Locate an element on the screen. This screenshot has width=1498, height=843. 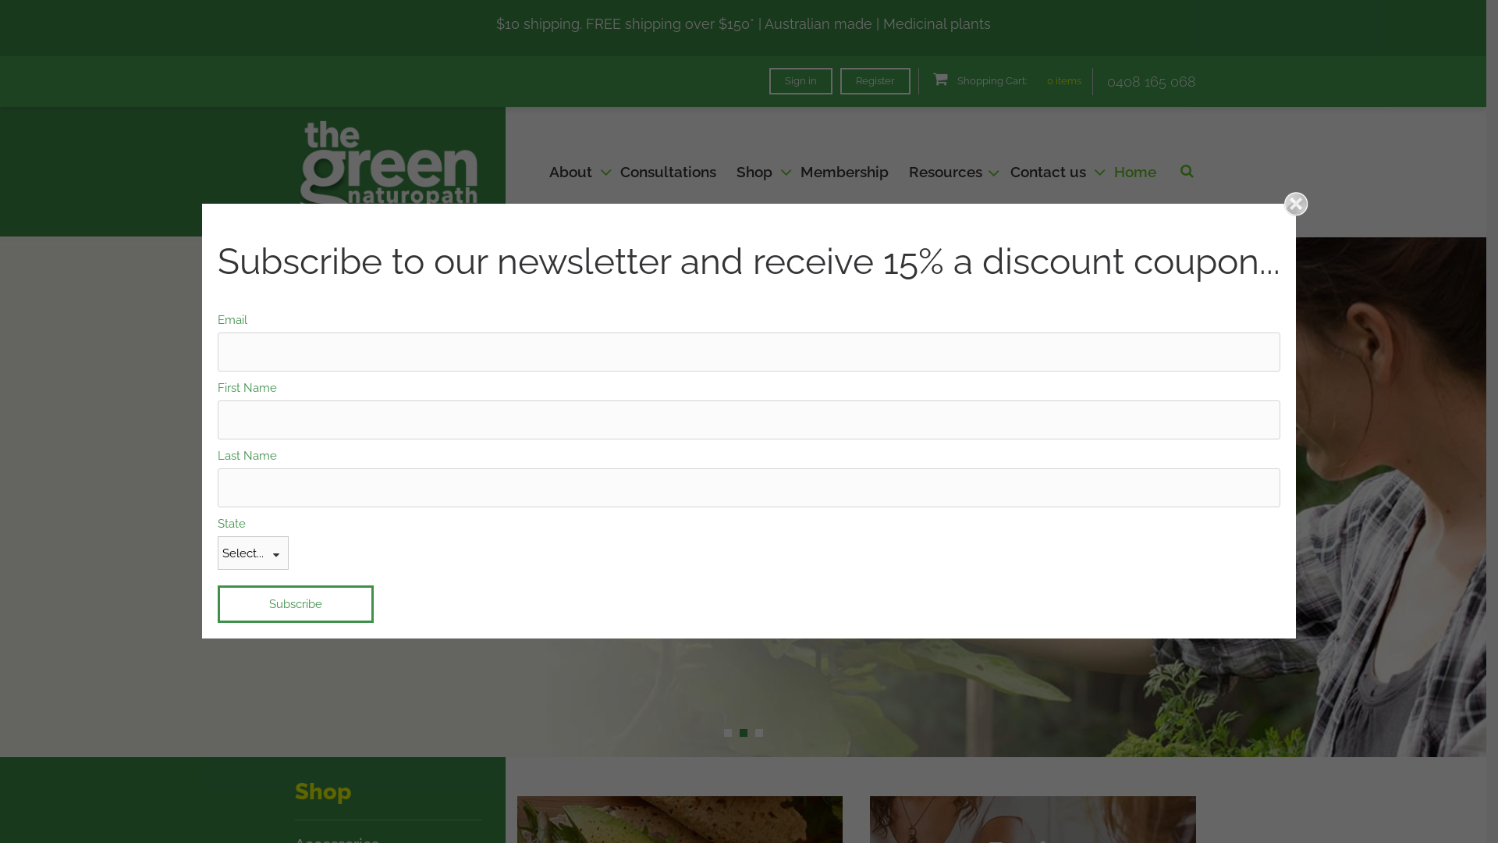
'Sign in' is located at coordinates (800, 80).